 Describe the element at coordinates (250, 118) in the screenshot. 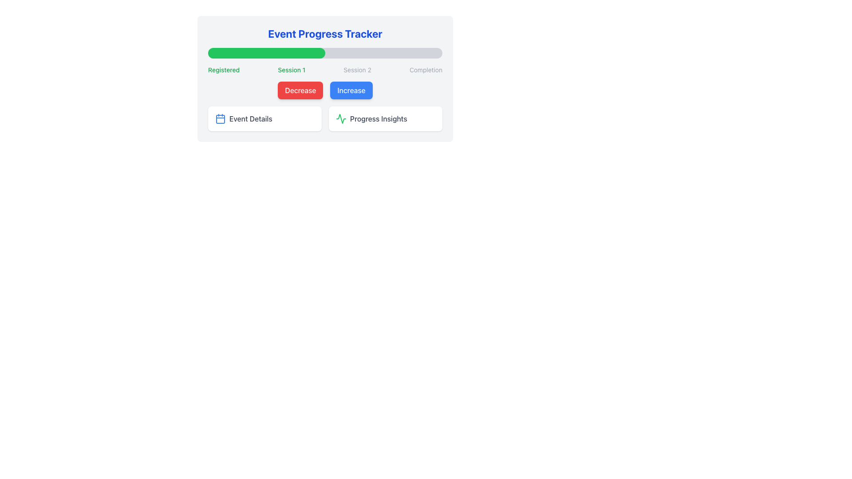

I see `the 'Event Details' text label, which is styled in gray font color and medium weight, located beneath the main progress tracker header within a white card-like section` at that location.